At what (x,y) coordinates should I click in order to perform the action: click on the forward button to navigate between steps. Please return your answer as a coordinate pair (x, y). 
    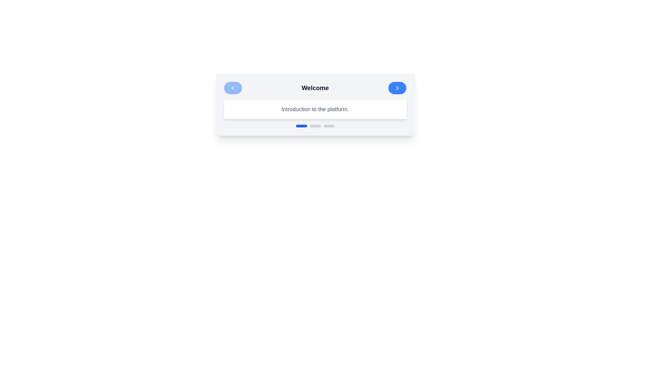
    Looking at the image, I should click on (397, 87).